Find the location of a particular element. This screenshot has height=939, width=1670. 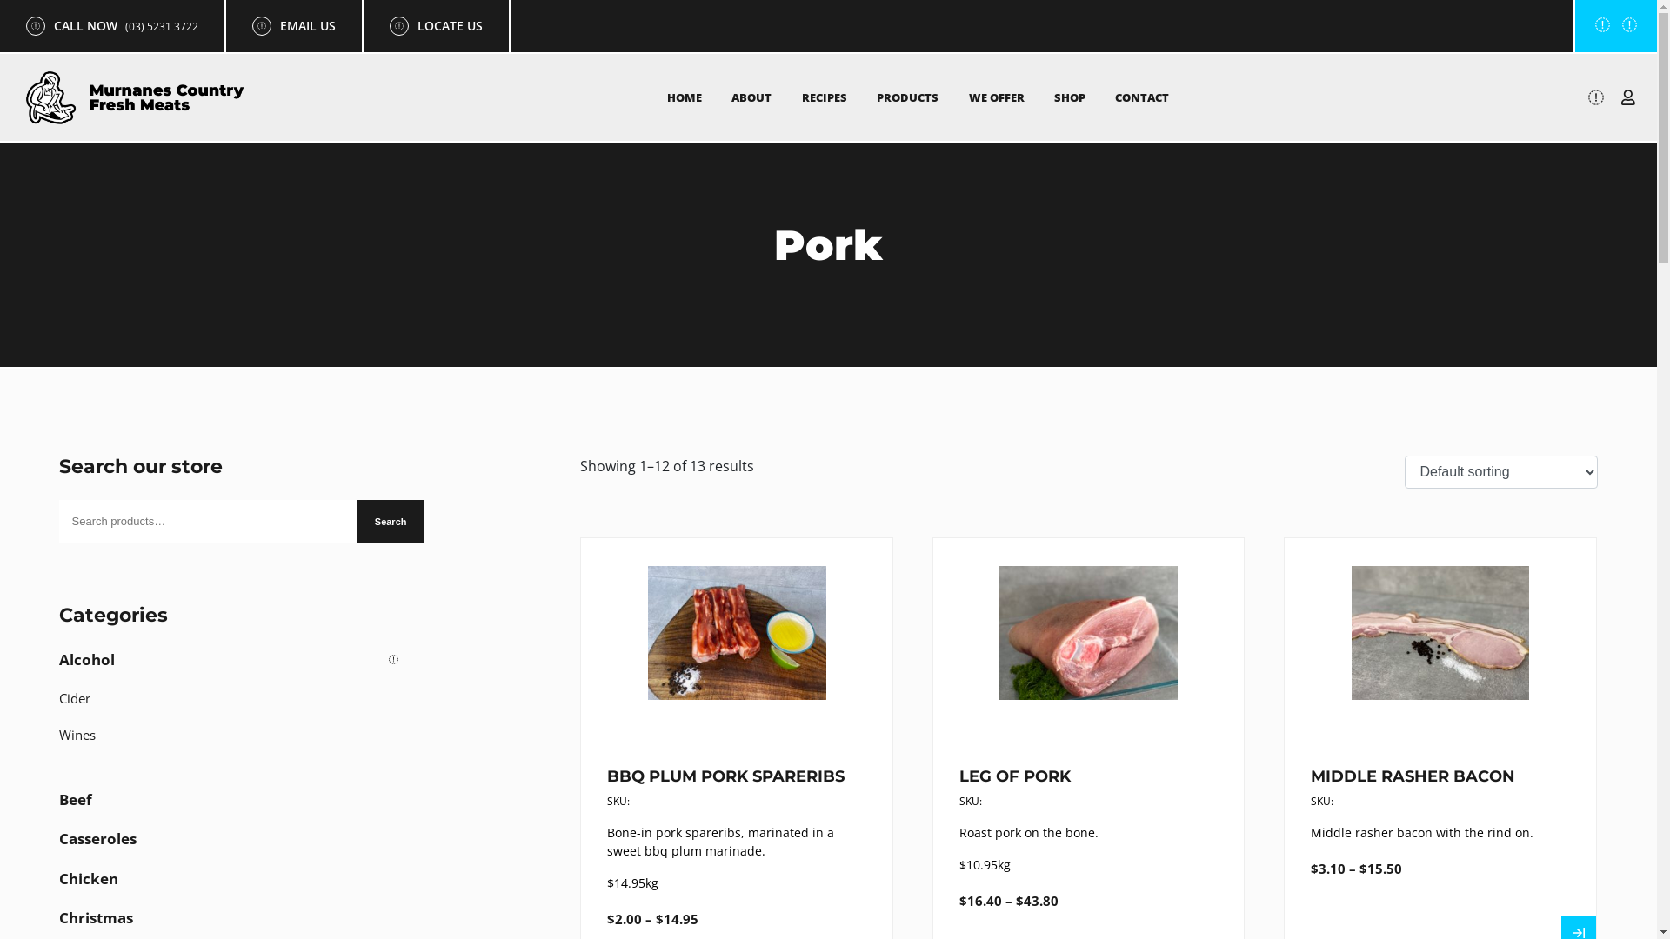

'HOME' is located at coordinates (684, 97).